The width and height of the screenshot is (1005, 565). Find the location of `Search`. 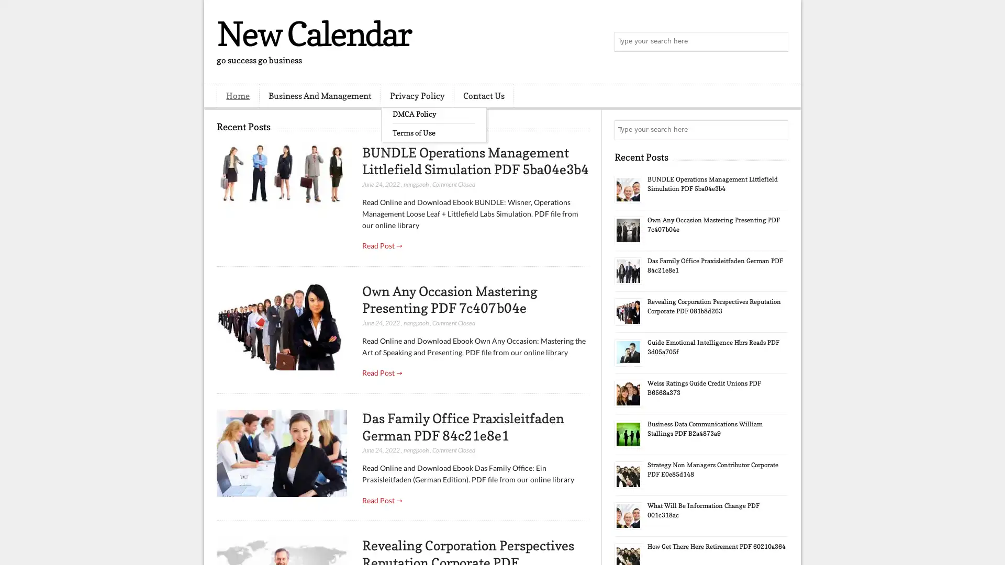

Search is located at coordinates (777, 42).